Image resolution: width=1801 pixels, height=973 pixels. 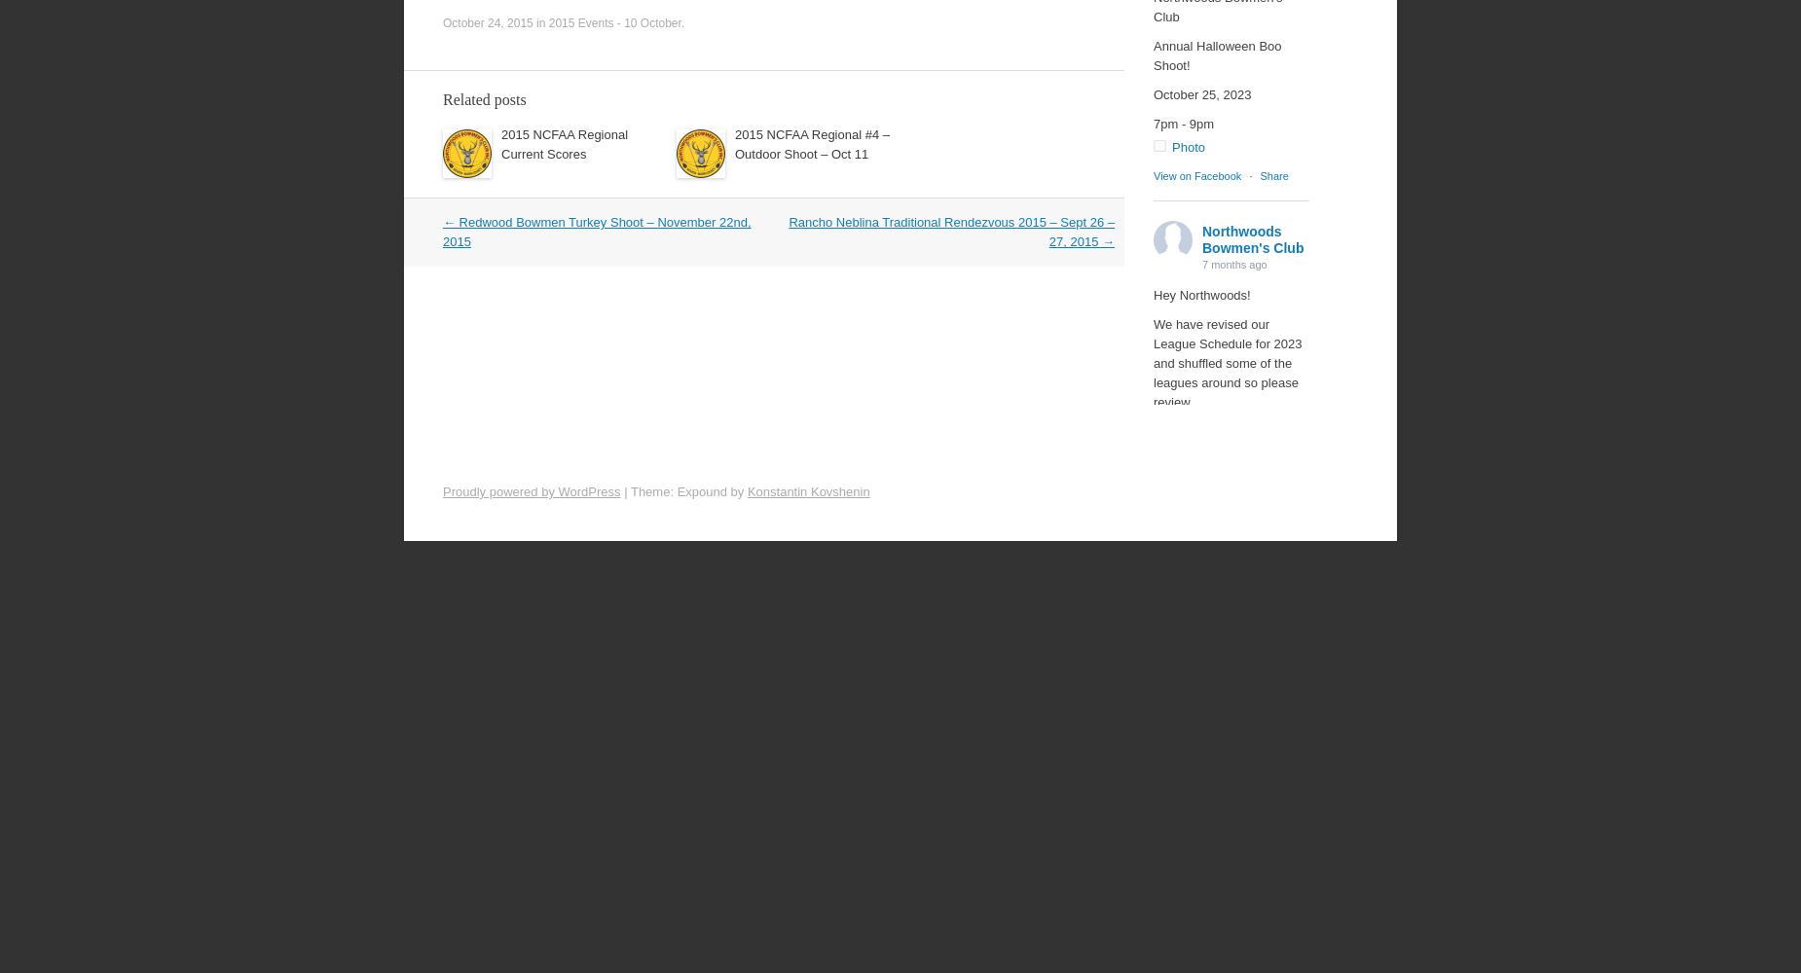 What do you see at coordinates (681, 23) in the screenshot?
I see `'.'` at bounding box center [681, 23].